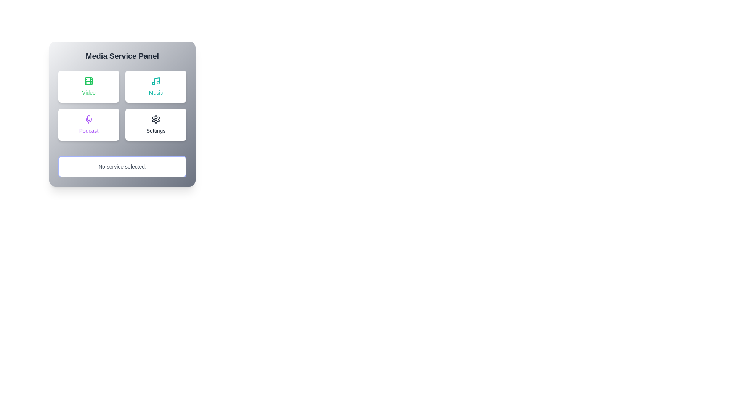 This screenshot has width=732, height=412. What do you see at coordinates (89, 130) in the screenshot?
I see `text content of the label inside the 'Podcast' card, located in the bottom-left quadrant of the 2x2 grid in the 'Media Service Panel'` at bounding box center [89, 130].